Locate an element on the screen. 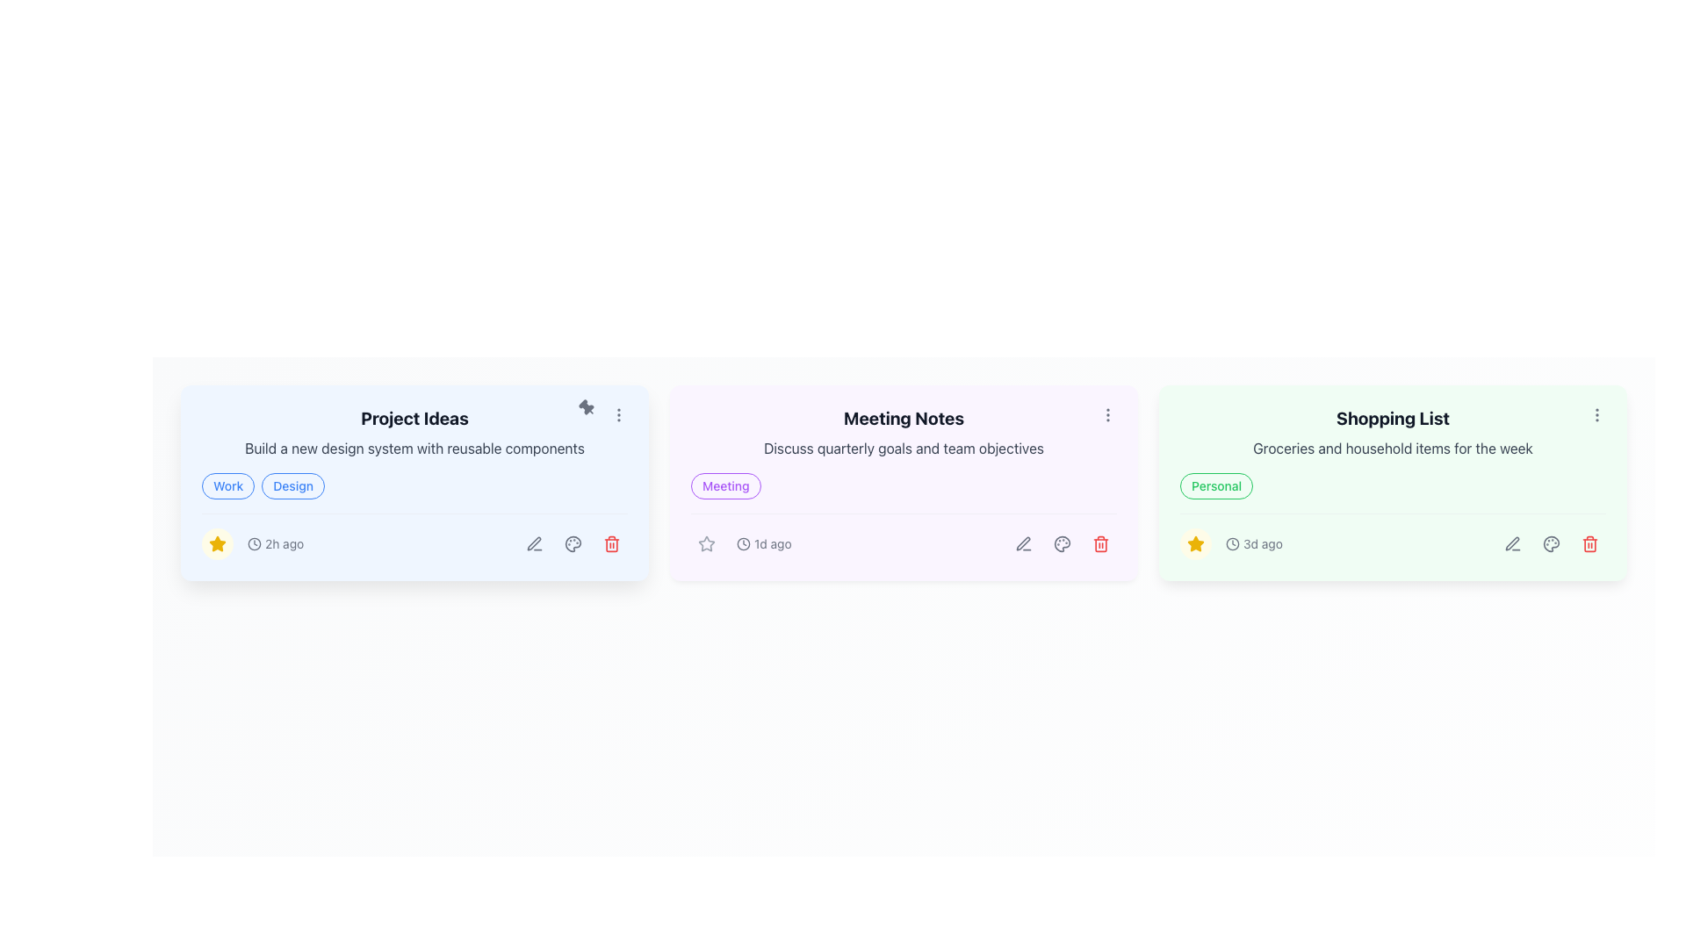  the visual representation of the Icon located in the bottom-left corner of the 'Meeting Notes' card, preceding the text '1d ago' is located at coordinates (743, 543).